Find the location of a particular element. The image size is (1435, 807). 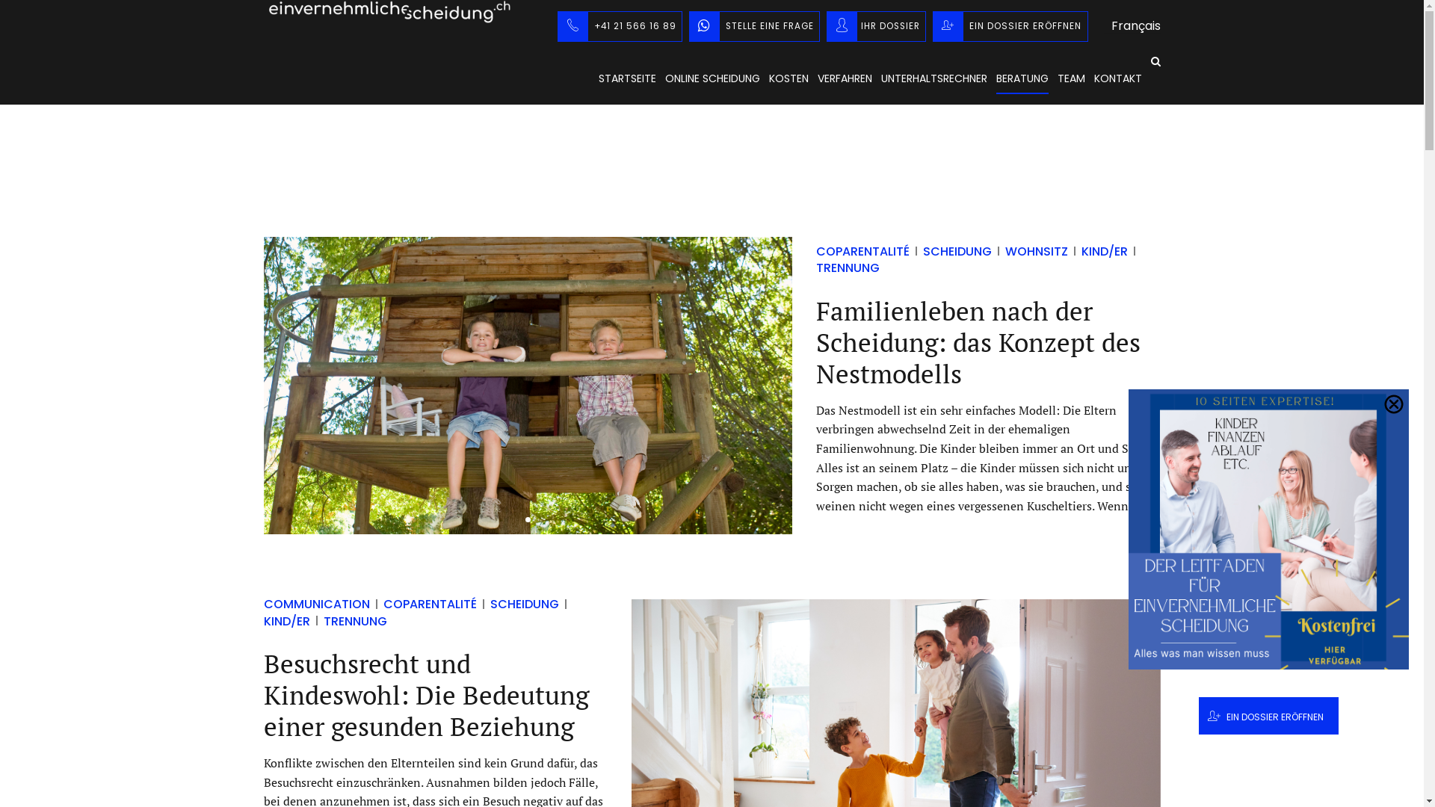

'SCHEIDUNG' is located at coordinates (517, 603).